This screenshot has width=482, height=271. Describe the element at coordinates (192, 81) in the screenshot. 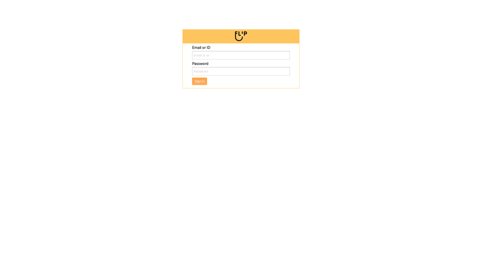

I see `'Sign in'` at that location.